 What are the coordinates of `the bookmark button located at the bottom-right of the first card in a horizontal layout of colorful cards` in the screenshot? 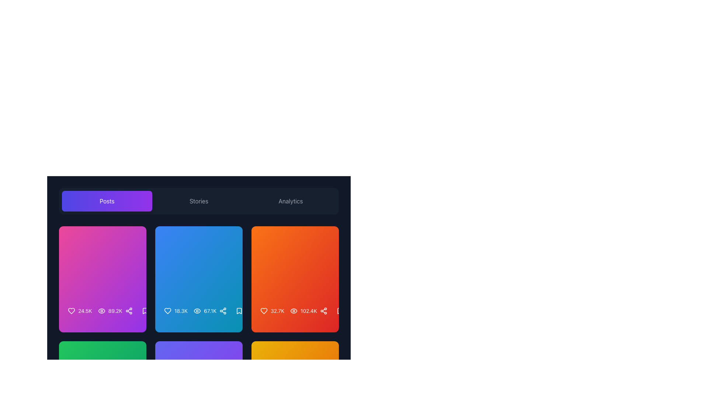 It's located at (145, 311).